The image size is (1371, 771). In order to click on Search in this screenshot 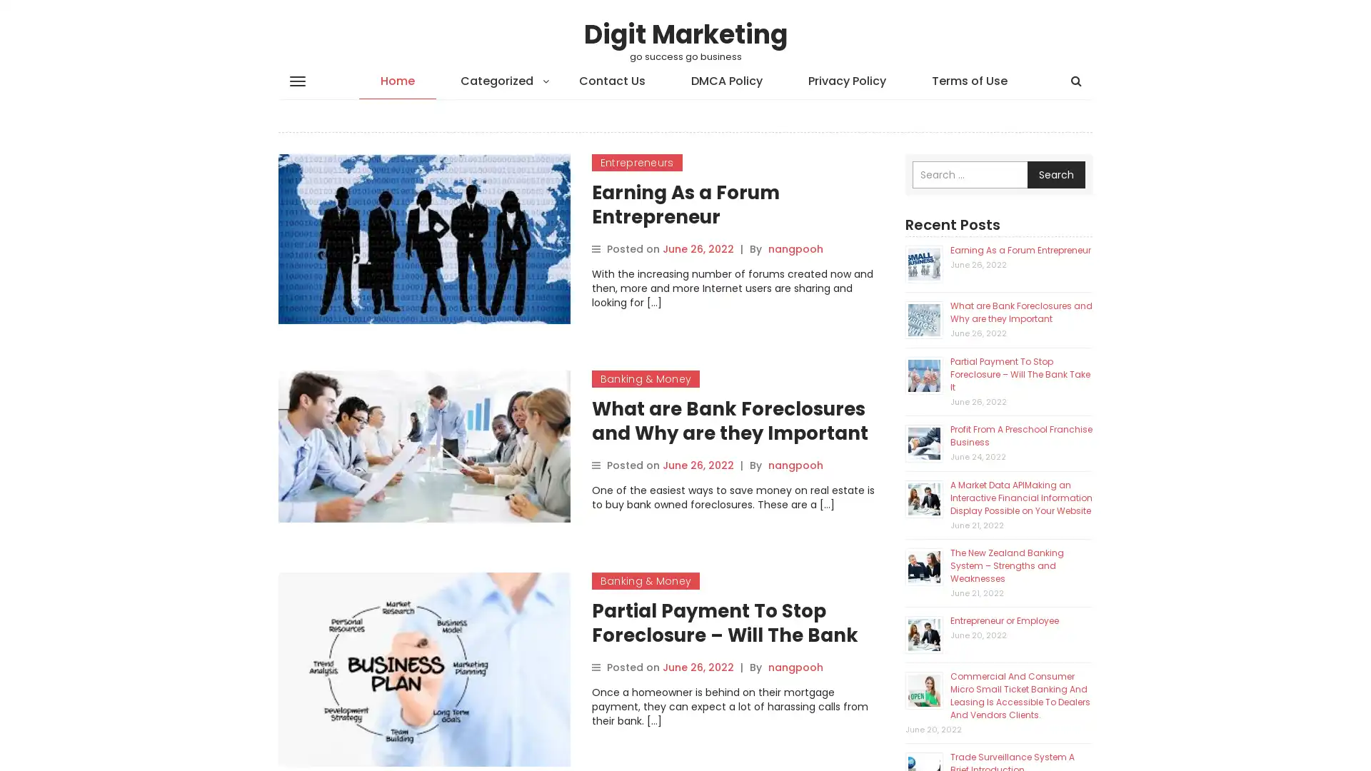, I will do `click(1056, 174)`.